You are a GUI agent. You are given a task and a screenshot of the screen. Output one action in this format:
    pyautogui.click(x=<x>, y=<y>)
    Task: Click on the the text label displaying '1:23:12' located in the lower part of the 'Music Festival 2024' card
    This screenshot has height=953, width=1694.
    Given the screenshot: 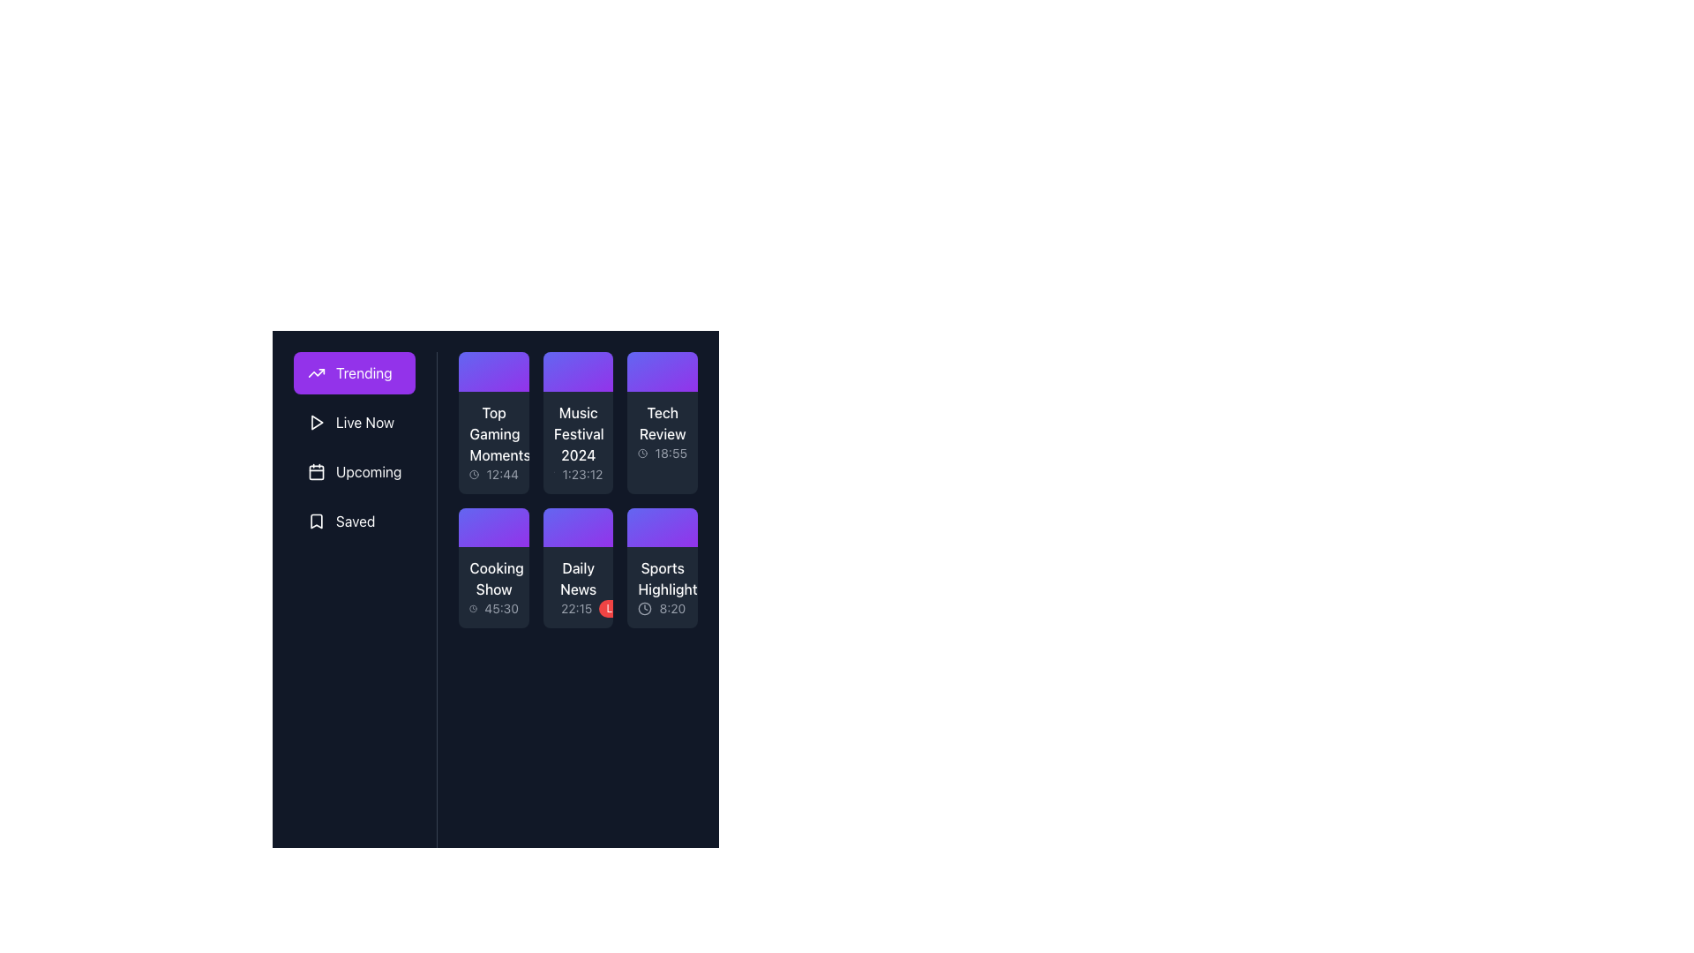 What is the action you would take?
    pyautogui.click(x=582, y=473)
    